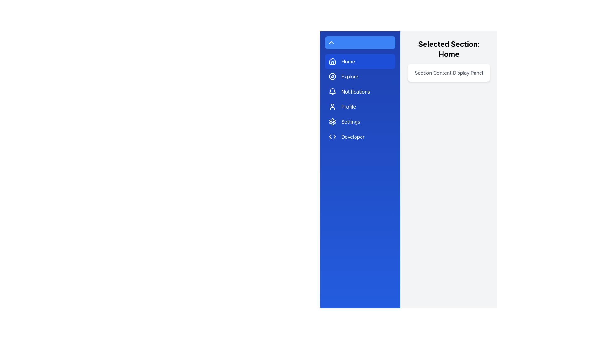  Describe the element at coordinates (332, 76) in the screenshot. I see `the visual styling of the compass icon located in the navigation menu panel, specifically the 'Explore' option below 'Home'` at that location.